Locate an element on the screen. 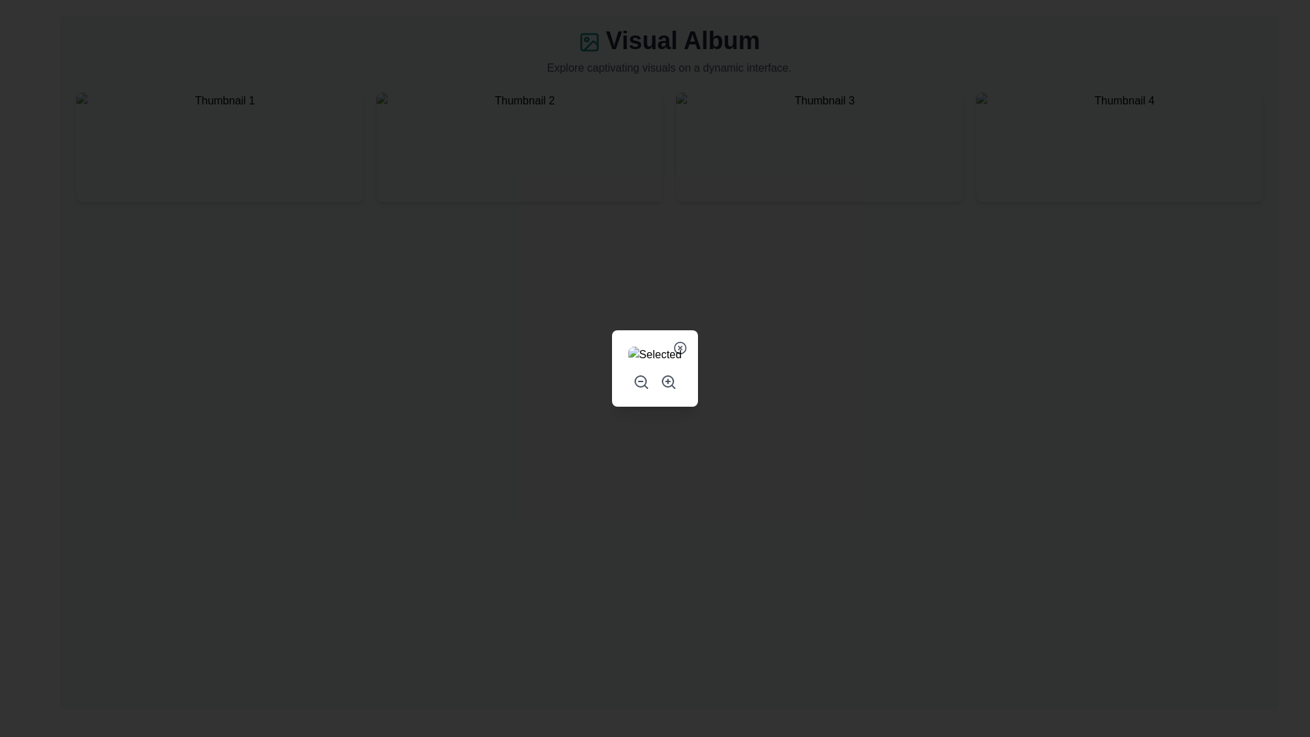 This screenshot has height=737, width=1310. the teal picture frame icon located to the left of the 'Visual Album' heading in the centralized header section is located at coordinates (589, 42).